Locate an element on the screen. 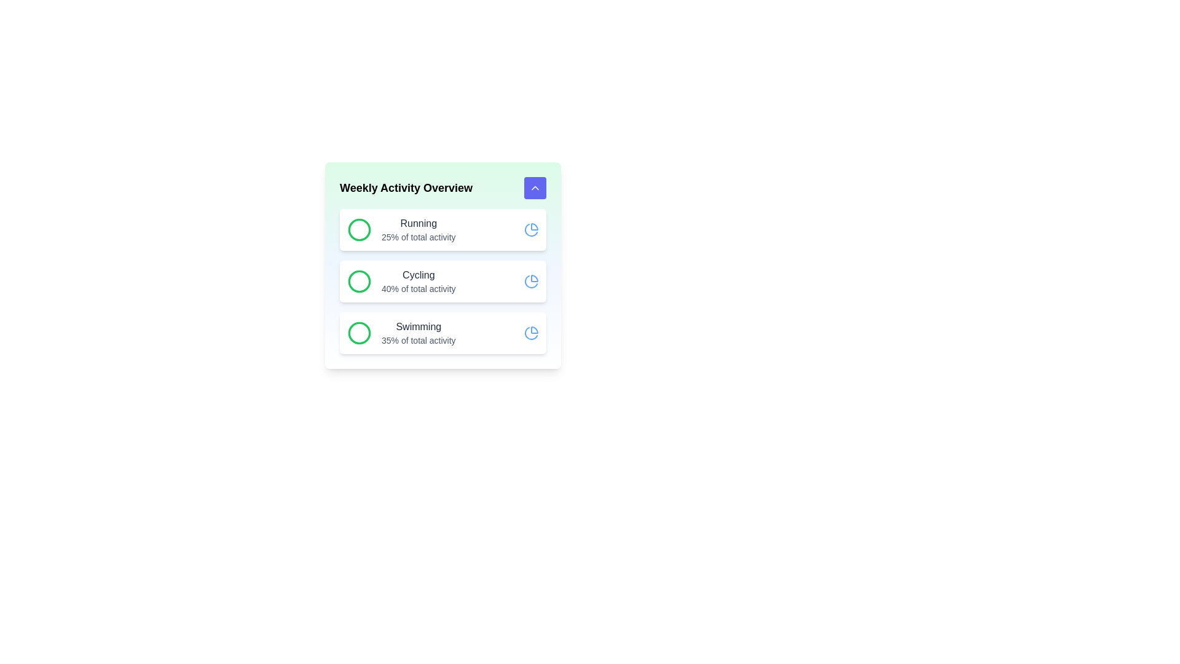  the green circle SVG icon located in the 'Swimming' section, which is next to the text 'Swimming 35% of total activity' is located at coordinates (359, 333).